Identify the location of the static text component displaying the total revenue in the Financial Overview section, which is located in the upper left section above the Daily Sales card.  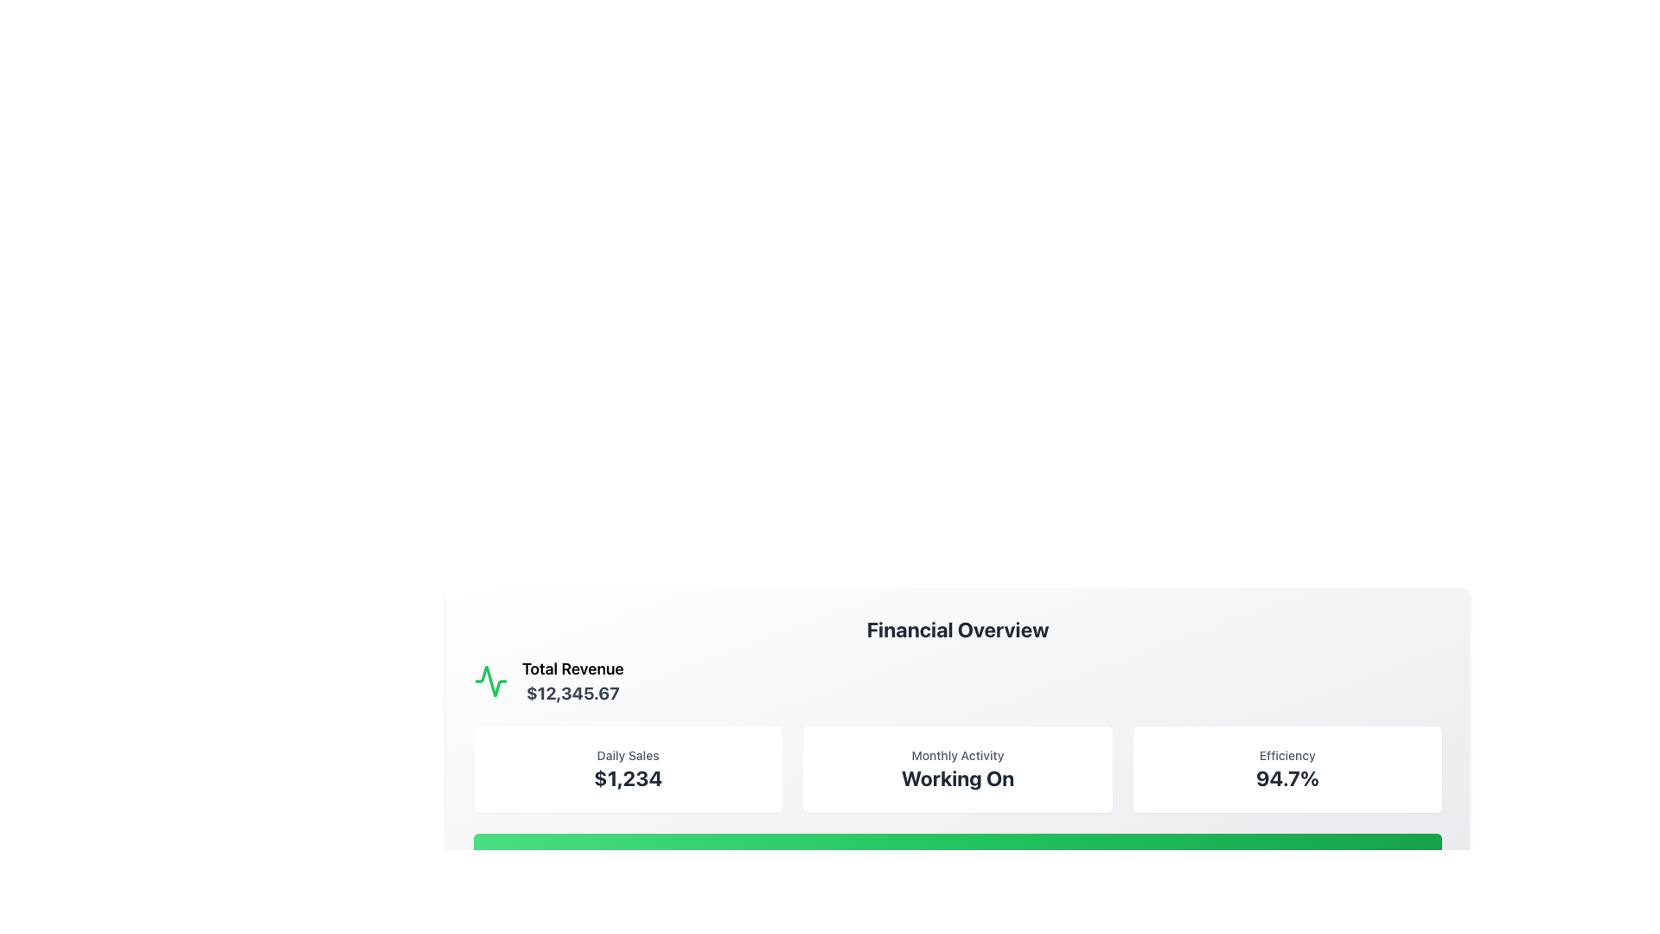
(572, 680).